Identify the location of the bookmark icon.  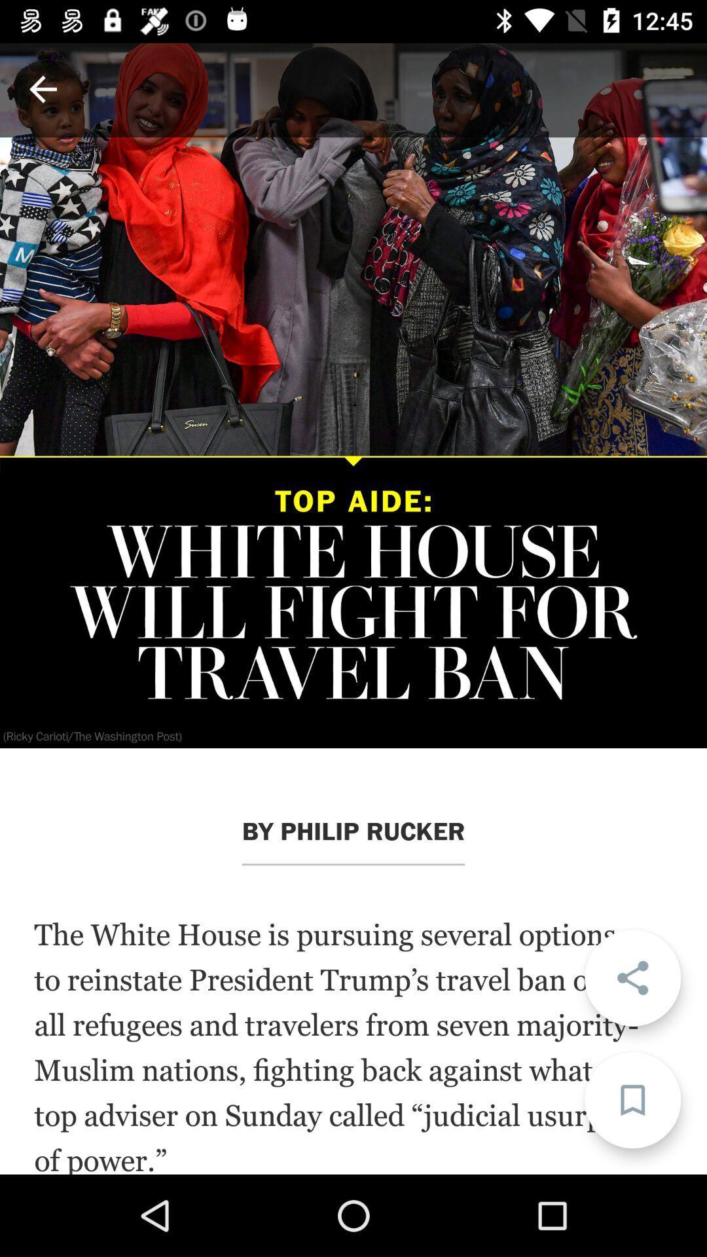
(632, 1100).